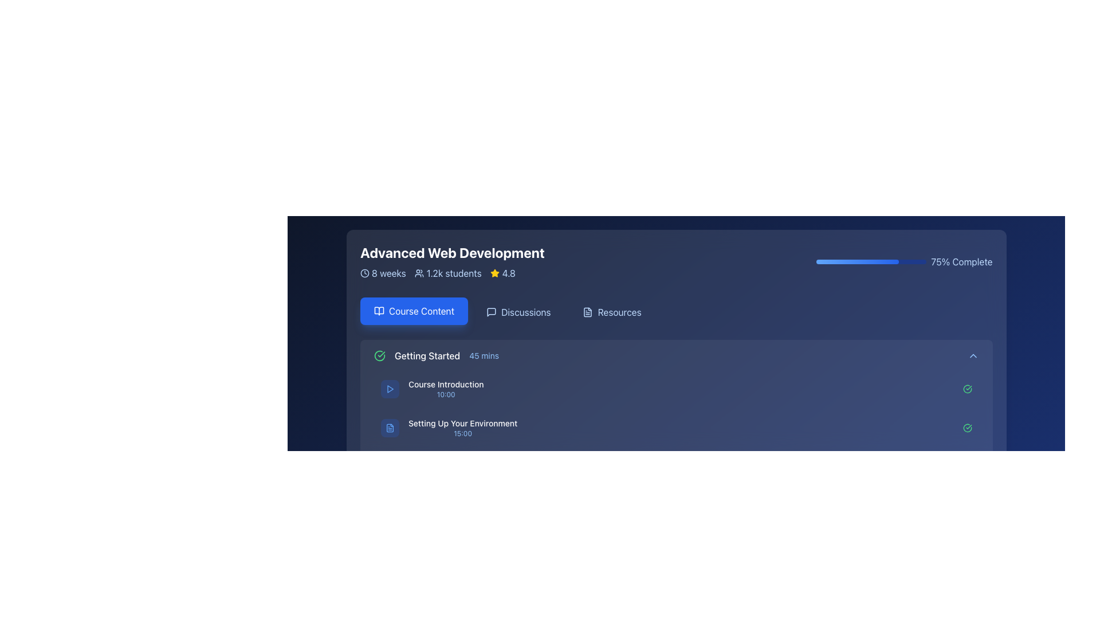  I want to click on the icon representing a resource or document associated with 'Setting Up Your Environment' in the 'Advanced Web Development' course to possibly see more details or a tooltip, so click(390, 428).